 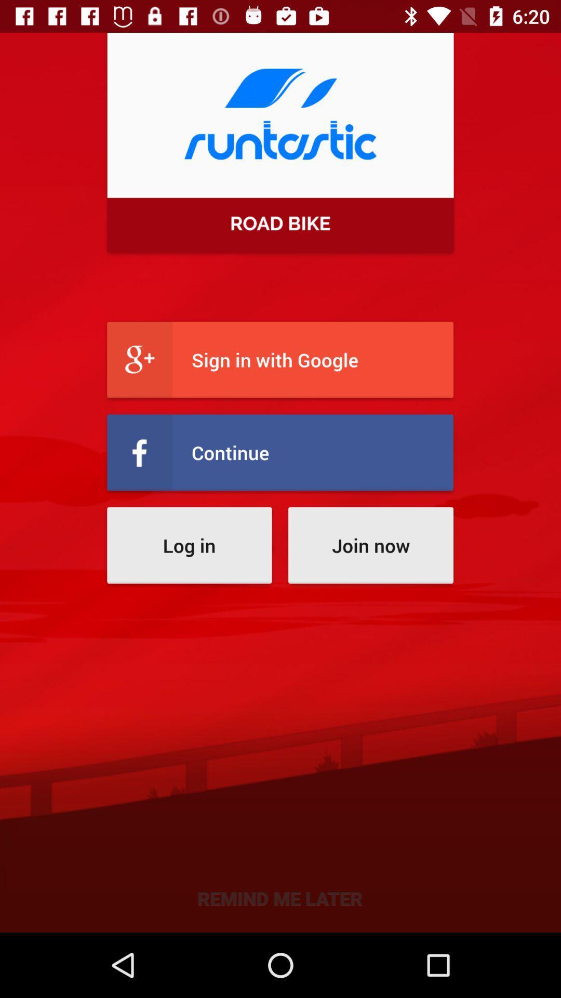 What do you see at coordinates (279, 897) in the screenshot?
I see `remind me later` at bounding box center [279, 897].